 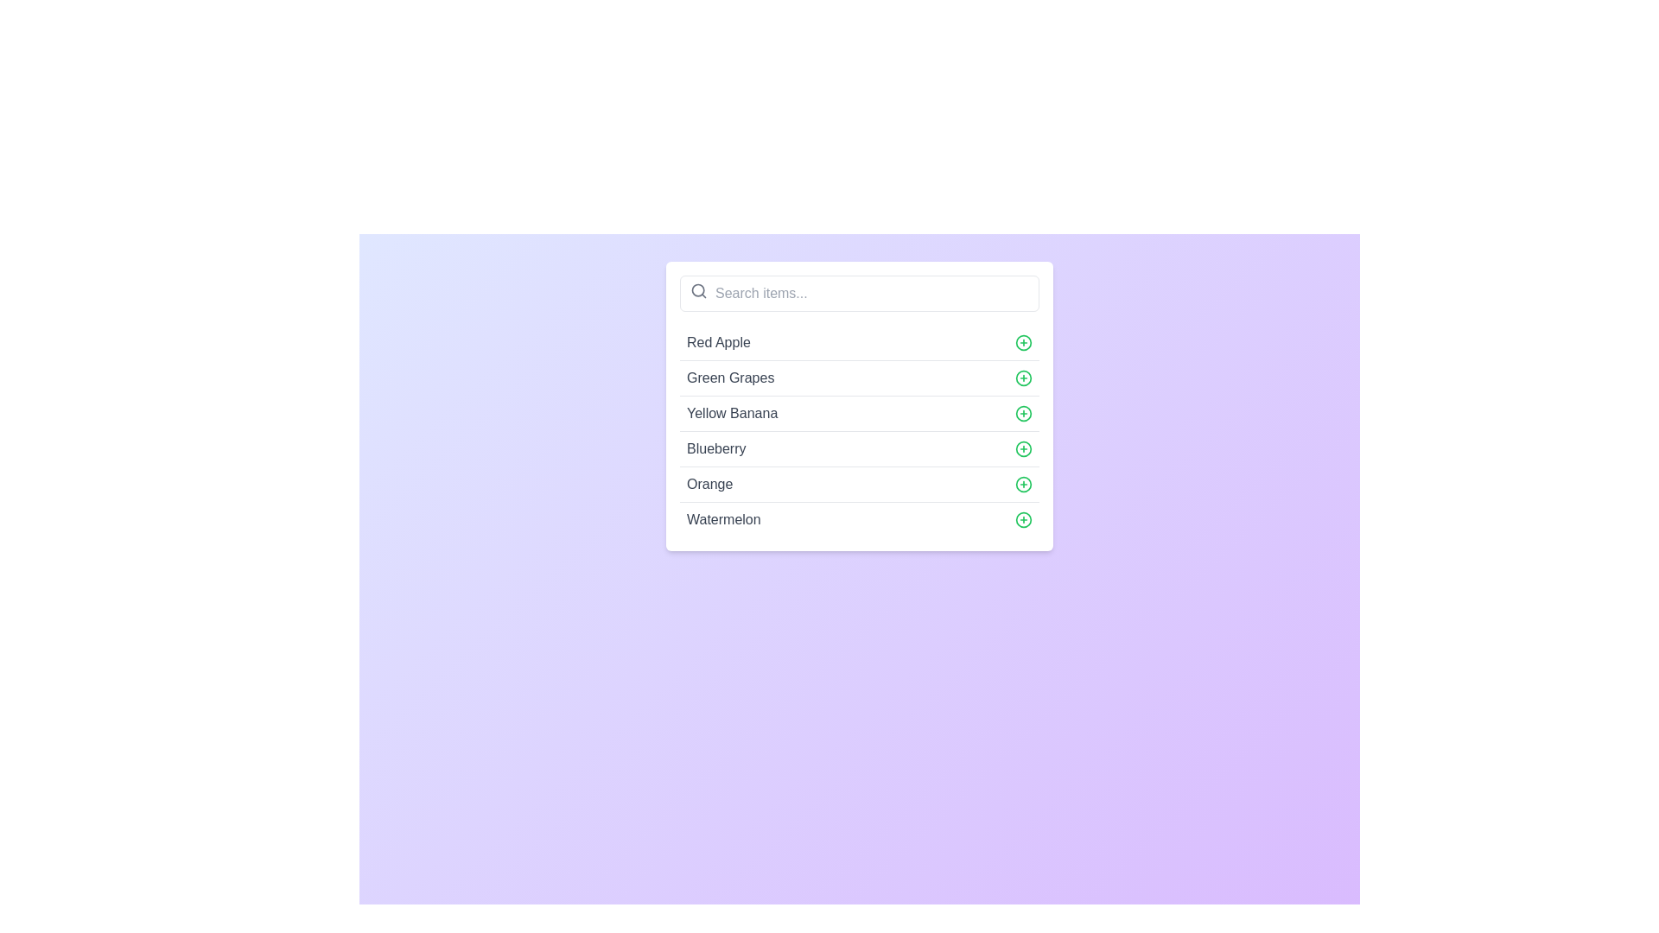 What do you see at coordinates (732, 413) in the screenshot?
I see `the static text label representing the option 'Yellow Banana' in the list of selectable items` at bounding box center [732, 413].